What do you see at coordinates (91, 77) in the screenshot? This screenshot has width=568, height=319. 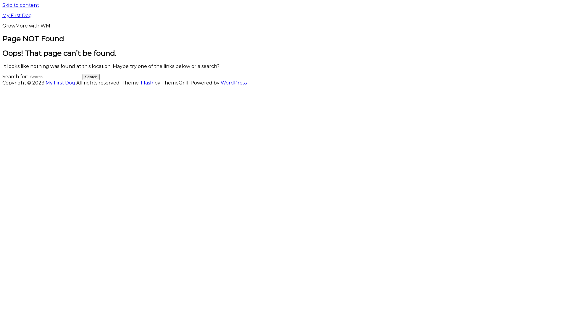 I see `'Search'` at bounding box center [91, 77].